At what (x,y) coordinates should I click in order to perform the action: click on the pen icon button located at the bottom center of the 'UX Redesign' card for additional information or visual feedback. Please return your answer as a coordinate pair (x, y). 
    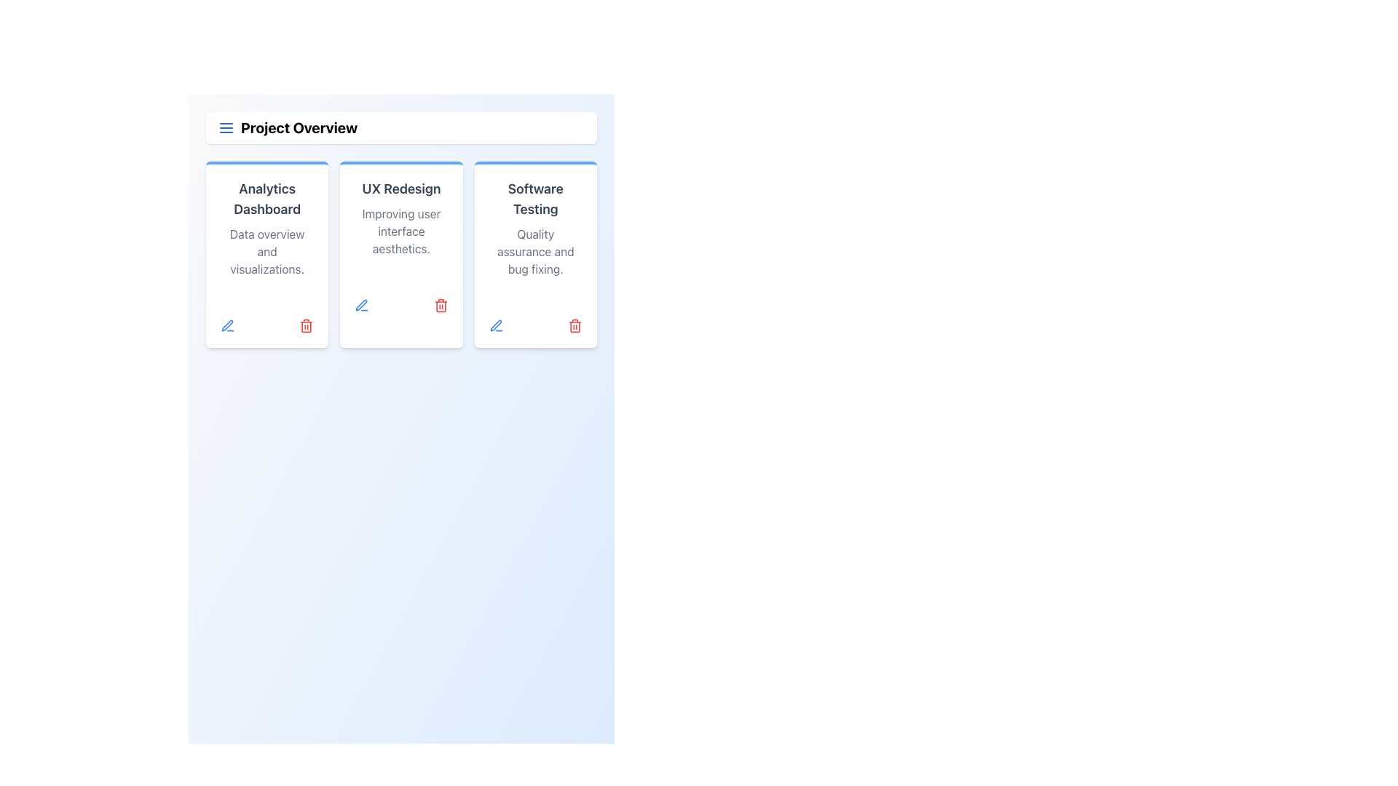
    Looking at the image, I should click on (226, 325).